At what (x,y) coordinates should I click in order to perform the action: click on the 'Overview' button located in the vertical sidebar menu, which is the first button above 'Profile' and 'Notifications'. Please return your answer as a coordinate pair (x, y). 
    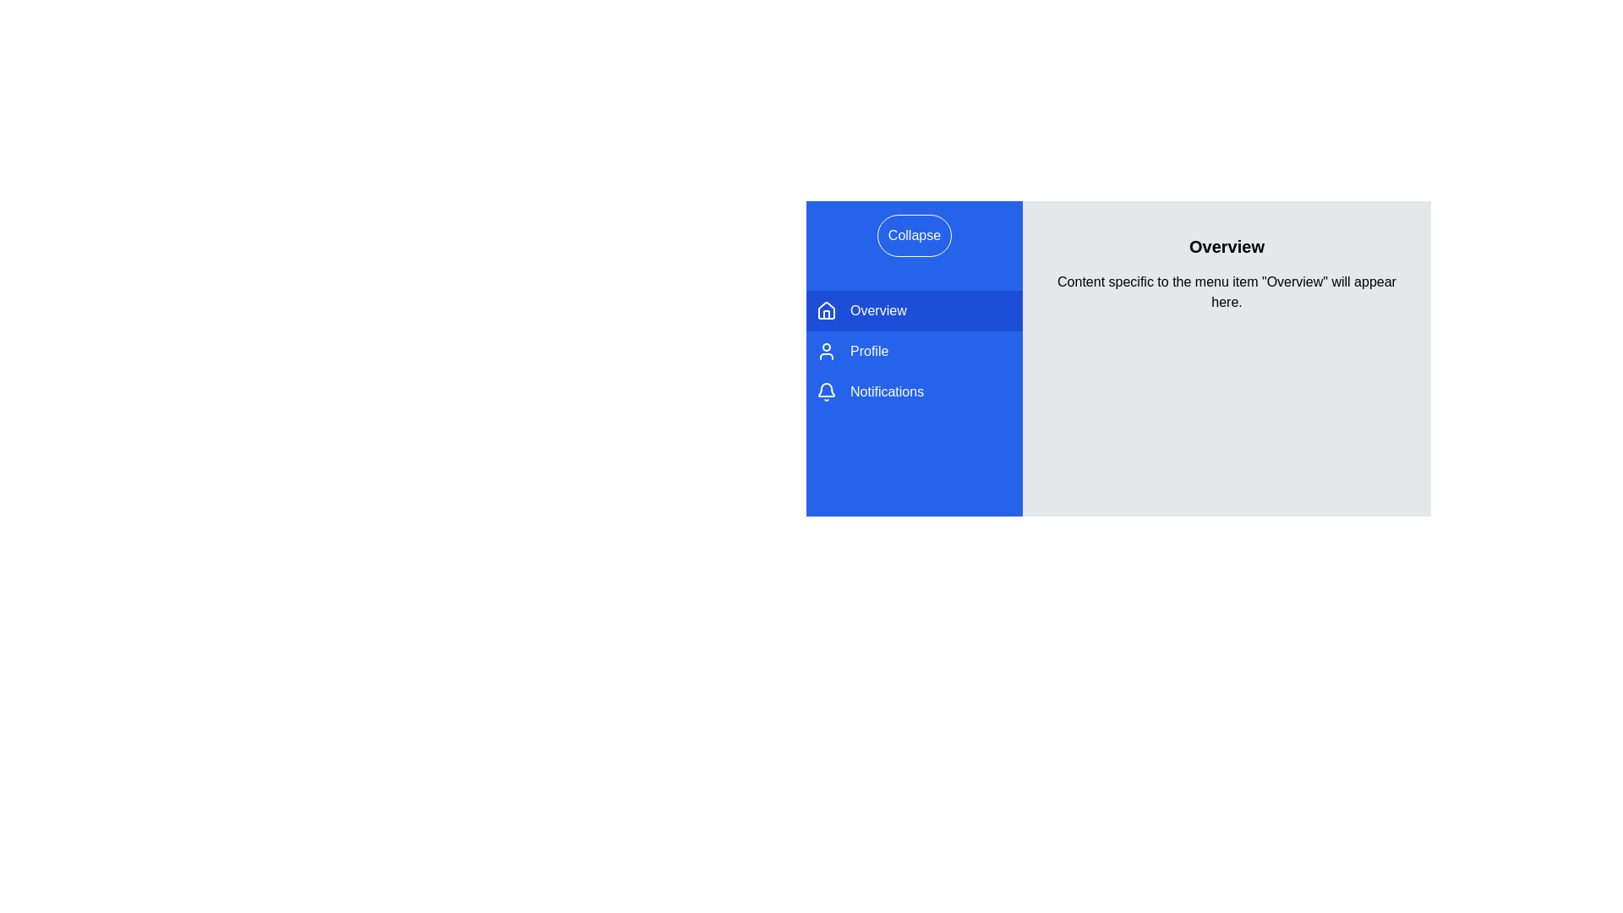
    Looking at the image, I should click on (913, 310).